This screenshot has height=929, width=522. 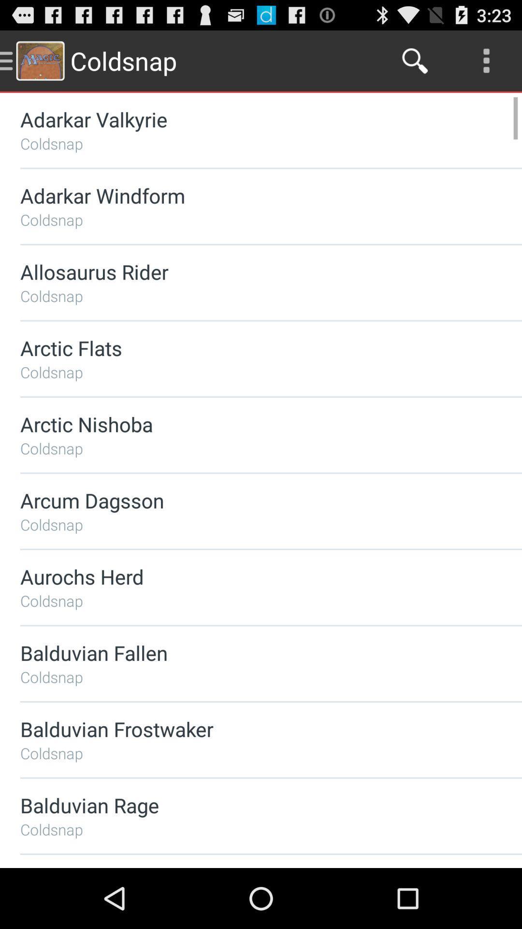 What do you see at coordinates (245, 424) in the screenshot?
I see `icon above coldsnap item` at bounding box center [245, 424].